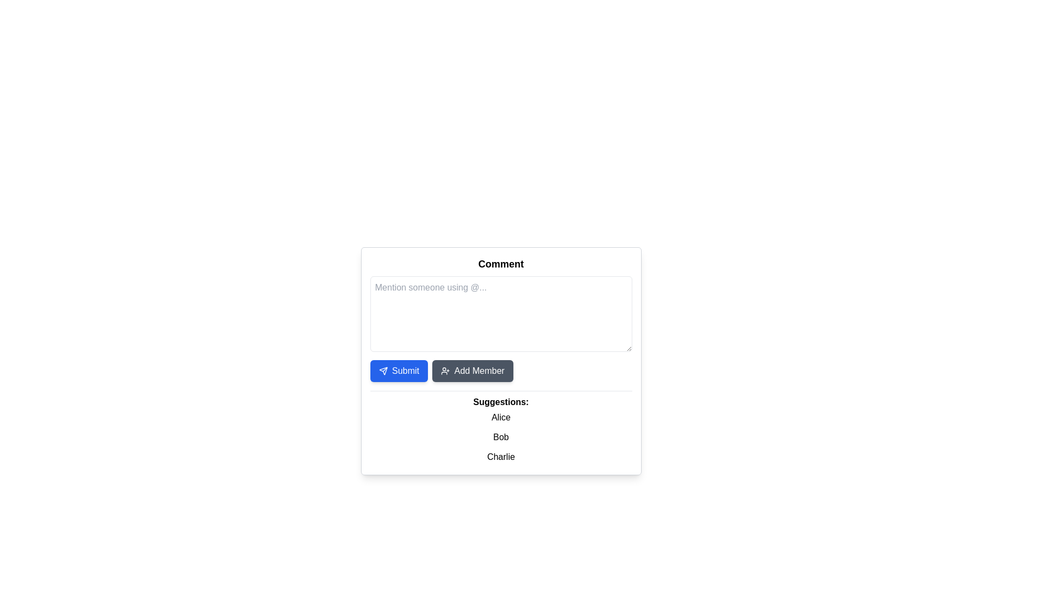  What do you see at coordinates (500, 437) in the screenshot?
I see `the second suggestion item in the list, which represents tagging or mentioning 'Bob' in a comment` at bounding box center [500, 437].